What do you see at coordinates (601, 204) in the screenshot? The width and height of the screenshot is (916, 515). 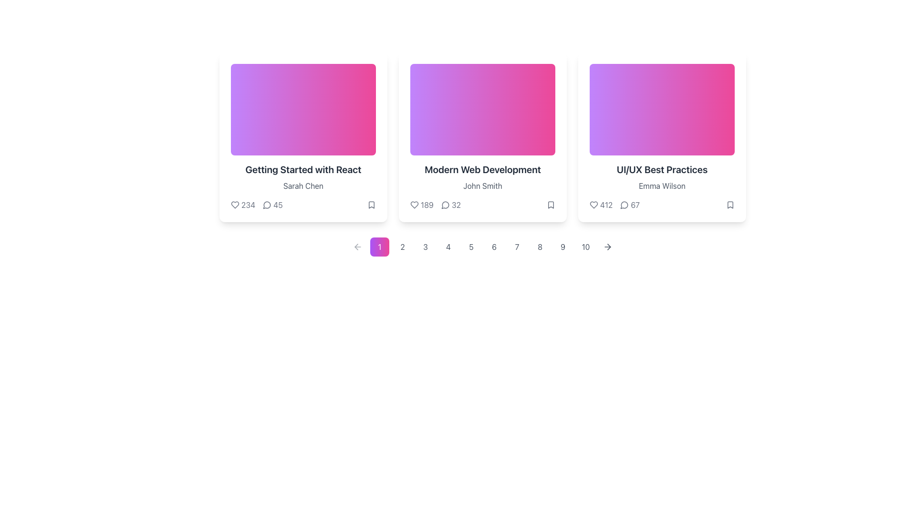 I see `the Interactive Text with Icon Pair containing an outlined heart icon and the number '412' to like the content` at bounding box center [601, 204].